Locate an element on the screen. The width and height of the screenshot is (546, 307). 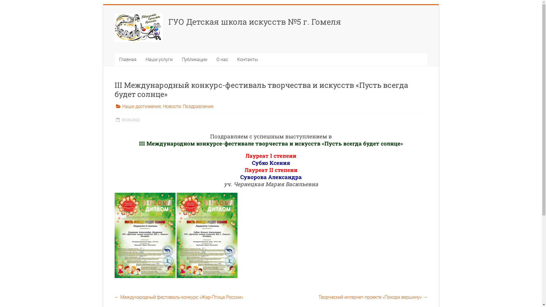
'09.06.2022' is located at coordinates (114, 119).